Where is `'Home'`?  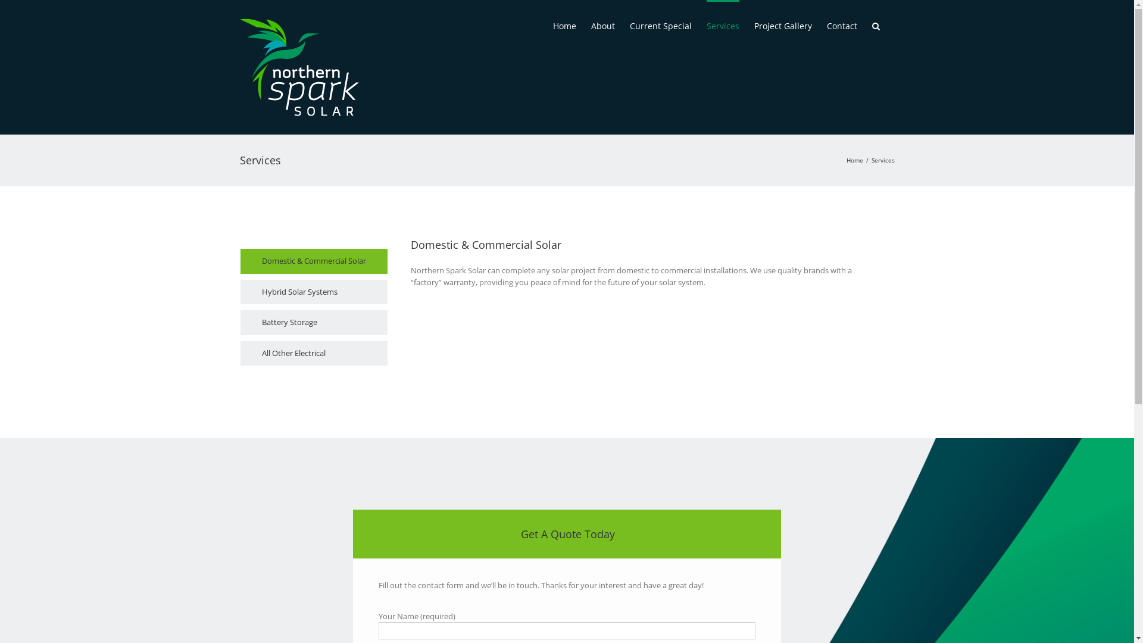 'Home' is located at coordinates (563, 25).